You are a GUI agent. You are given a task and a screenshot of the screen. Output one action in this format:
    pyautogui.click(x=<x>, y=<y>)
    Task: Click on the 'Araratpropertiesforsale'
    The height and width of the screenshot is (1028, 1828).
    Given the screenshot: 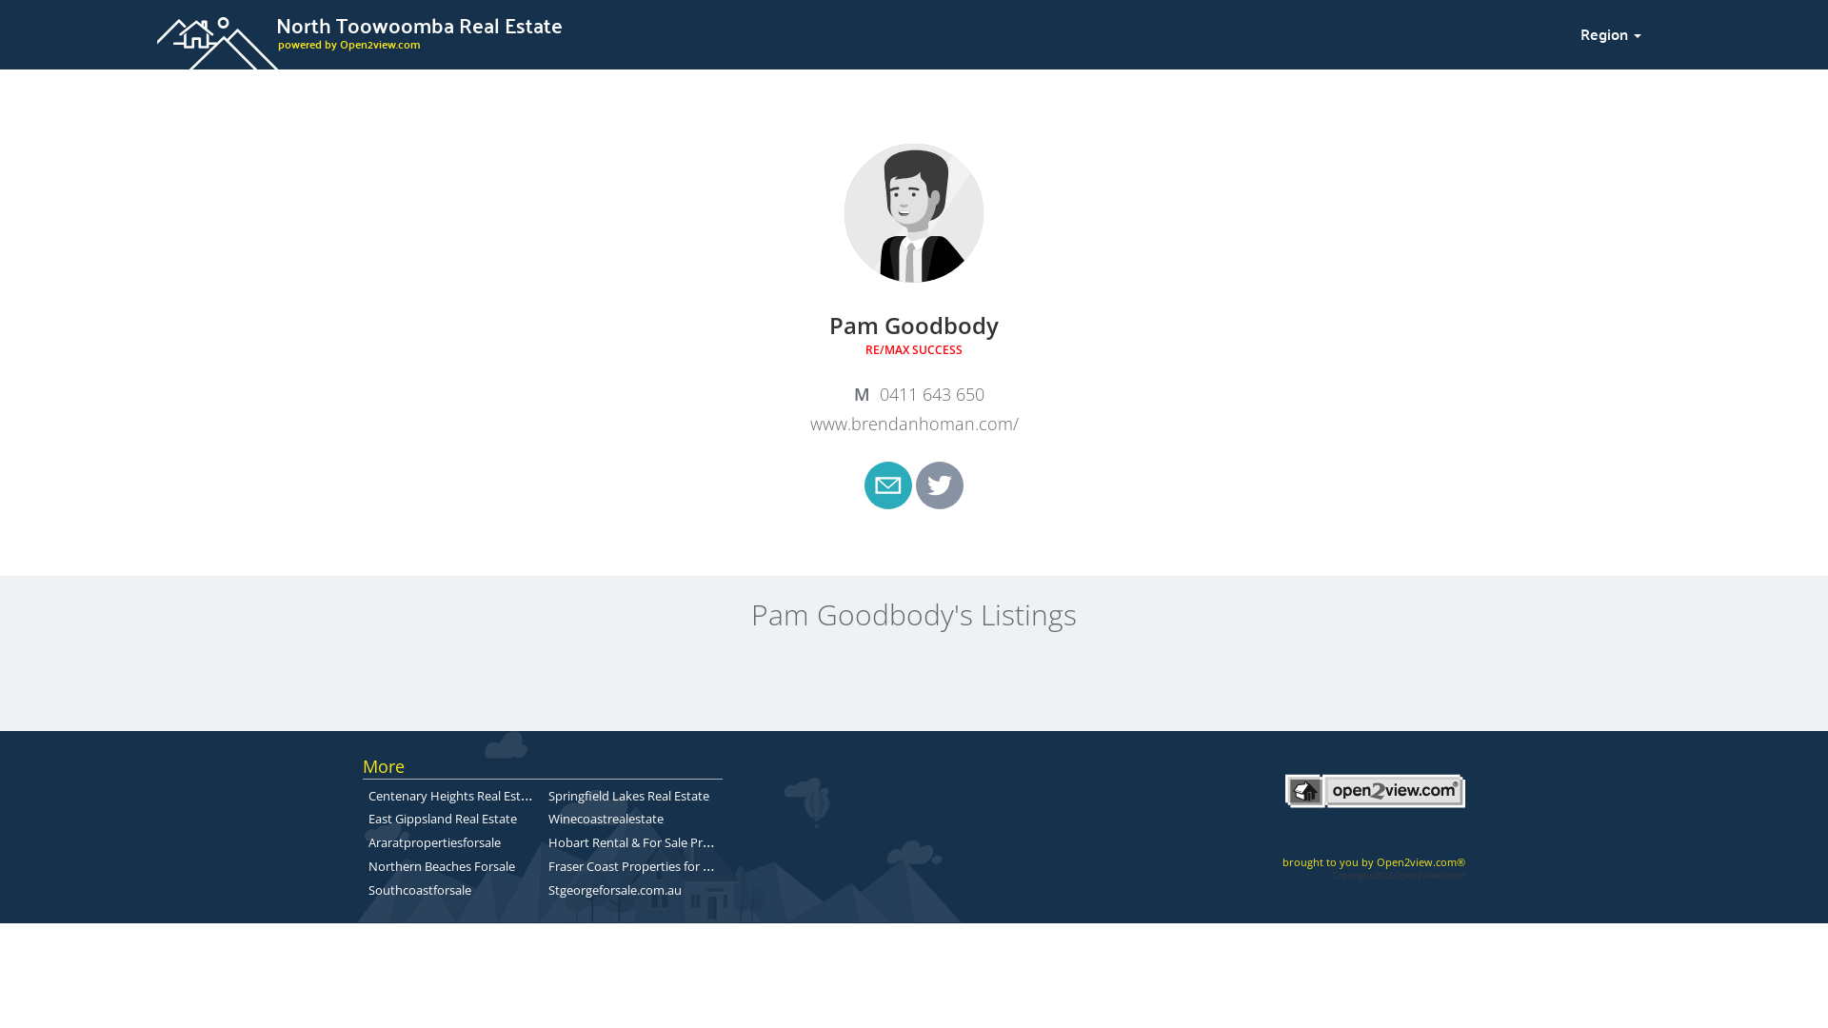 What is the action you would take?
    pyautogui.click(x=368, y=840)
    